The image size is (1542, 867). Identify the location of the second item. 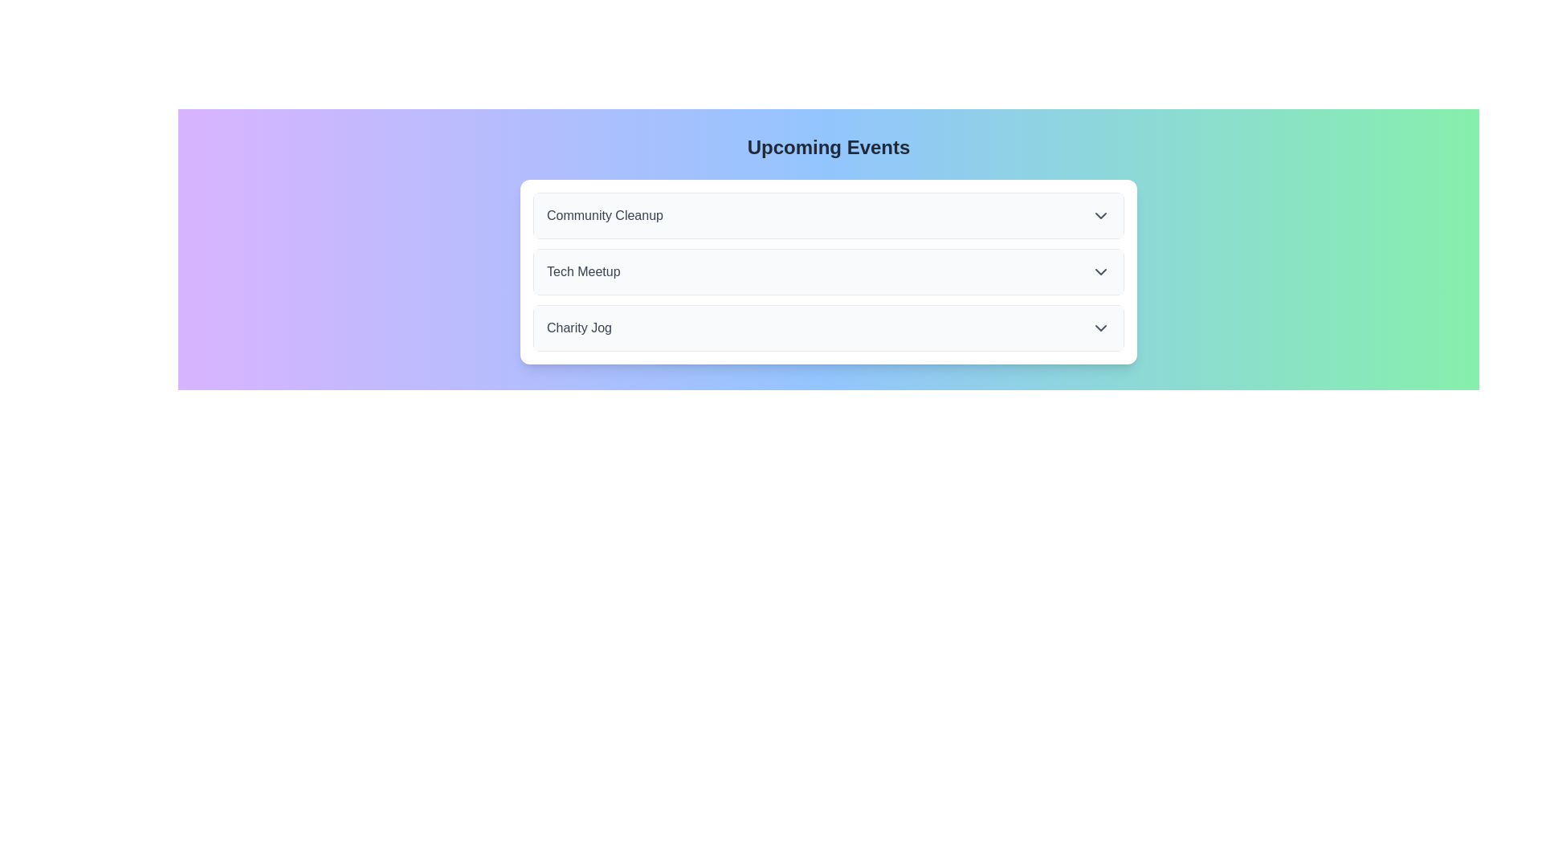
(829, 271).